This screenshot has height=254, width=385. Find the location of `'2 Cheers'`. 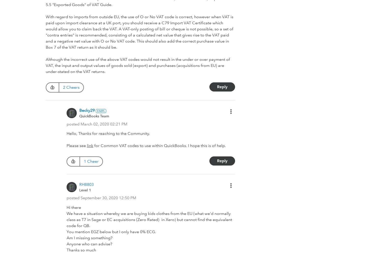

'2 Cheers' is located at coordinates (71, 87).